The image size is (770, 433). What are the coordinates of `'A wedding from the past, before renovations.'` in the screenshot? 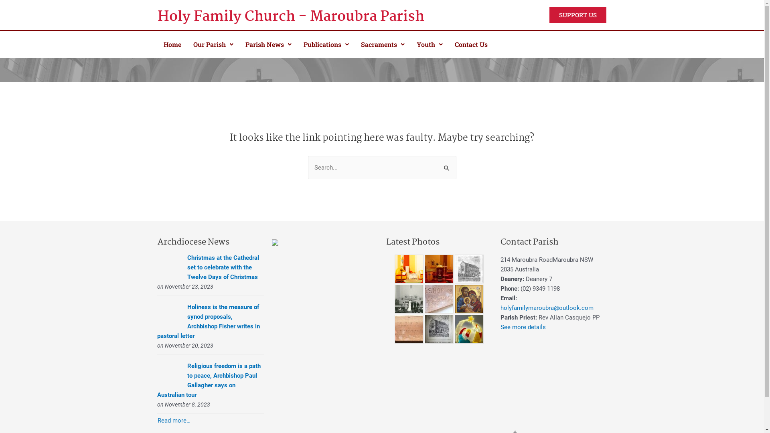 It's located at (409, 298).